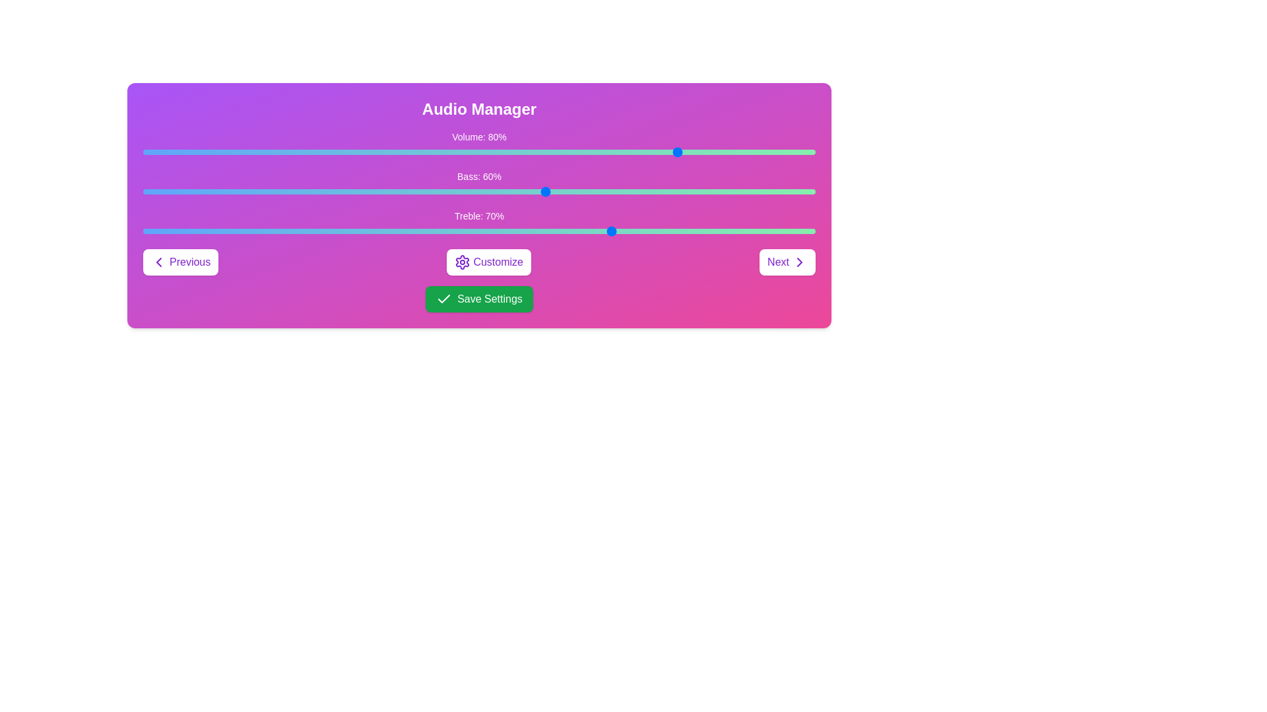 The width and height of the screenshot is (1267, 712). Describe the element at coordinates (798, 262) in the screenshot. I see `the visual form of the rightward chevron arrow icon that is part of the 'Next' button, located on the right-hand side of the interface` at that location.